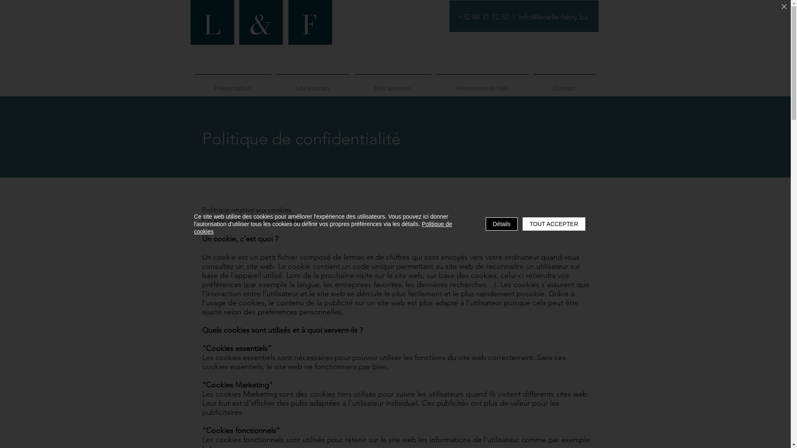 Image resolution: width=797 pixels, height=448 pixels. Describe the element at coordinates (312, 85) in the screenshot. I see `'Les avocats'` at that location.